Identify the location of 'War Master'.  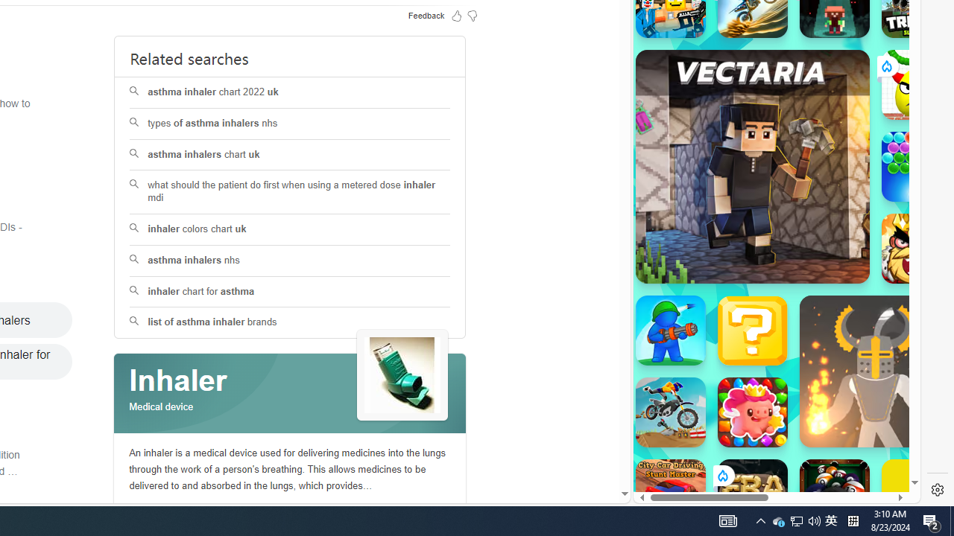
(669, 329).